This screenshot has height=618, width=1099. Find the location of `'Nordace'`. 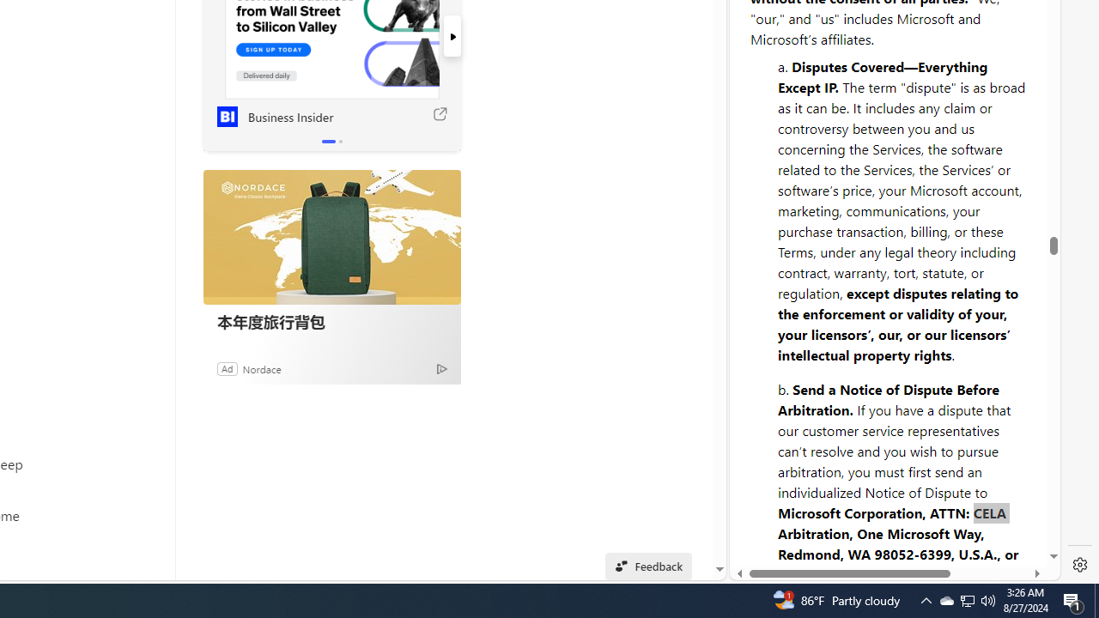

'Nordace' is located at coordinates (260, 367).